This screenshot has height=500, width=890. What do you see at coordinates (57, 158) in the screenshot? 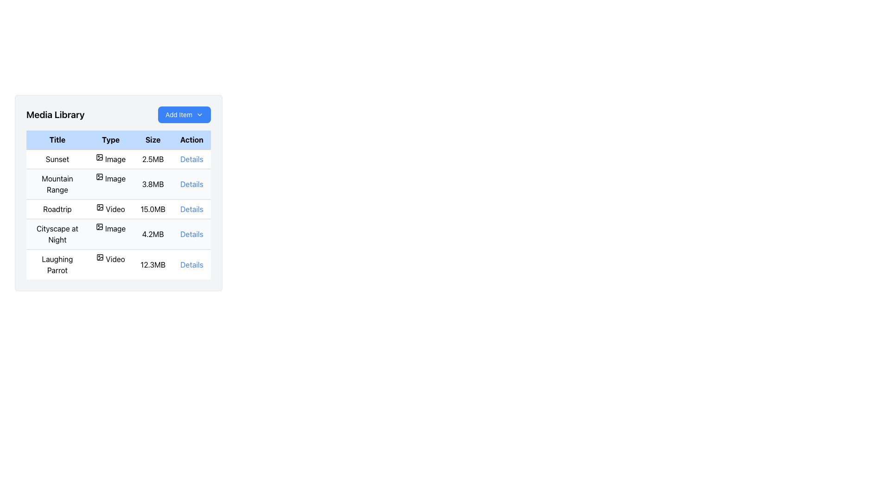
I see `the text label displaying 'Sunset' located in the first cell of the first row under the 'Title' column in a table layout` at bounding box center [57, 158].